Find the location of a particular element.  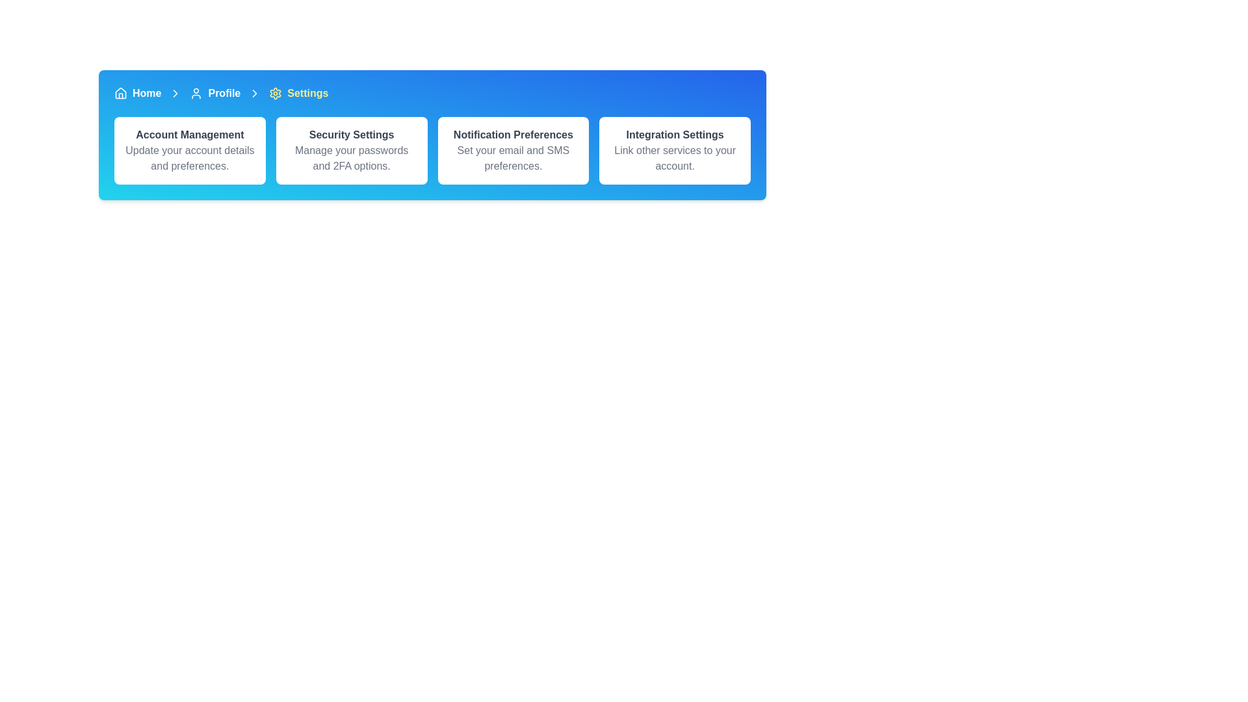

the breadcrumb separator icon located in the top navigation menu bar between 'Profile' and 'Settings' to interact with the breadcrumb navigation is located at coordinates (175, 92).